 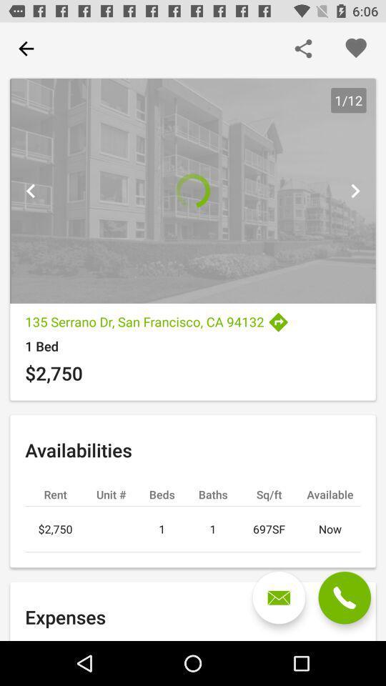 I want to click on previous, so click(x=354, y=190).